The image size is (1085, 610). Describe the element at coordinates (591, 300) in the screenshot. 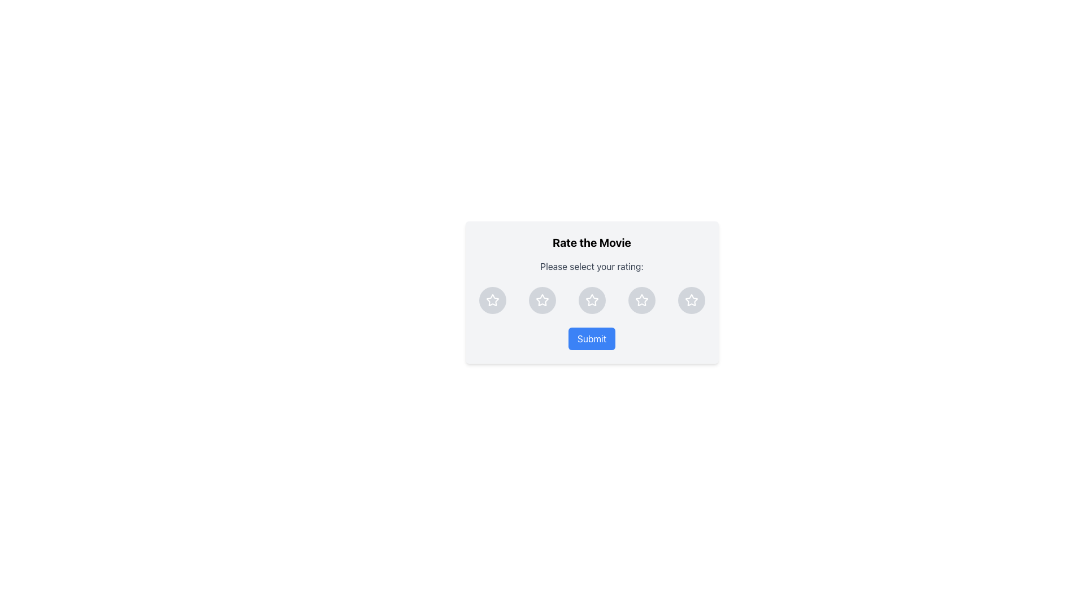

I see `the circular button with a light gray background and a white star icon in the center to trigger the scale effect` at that location.